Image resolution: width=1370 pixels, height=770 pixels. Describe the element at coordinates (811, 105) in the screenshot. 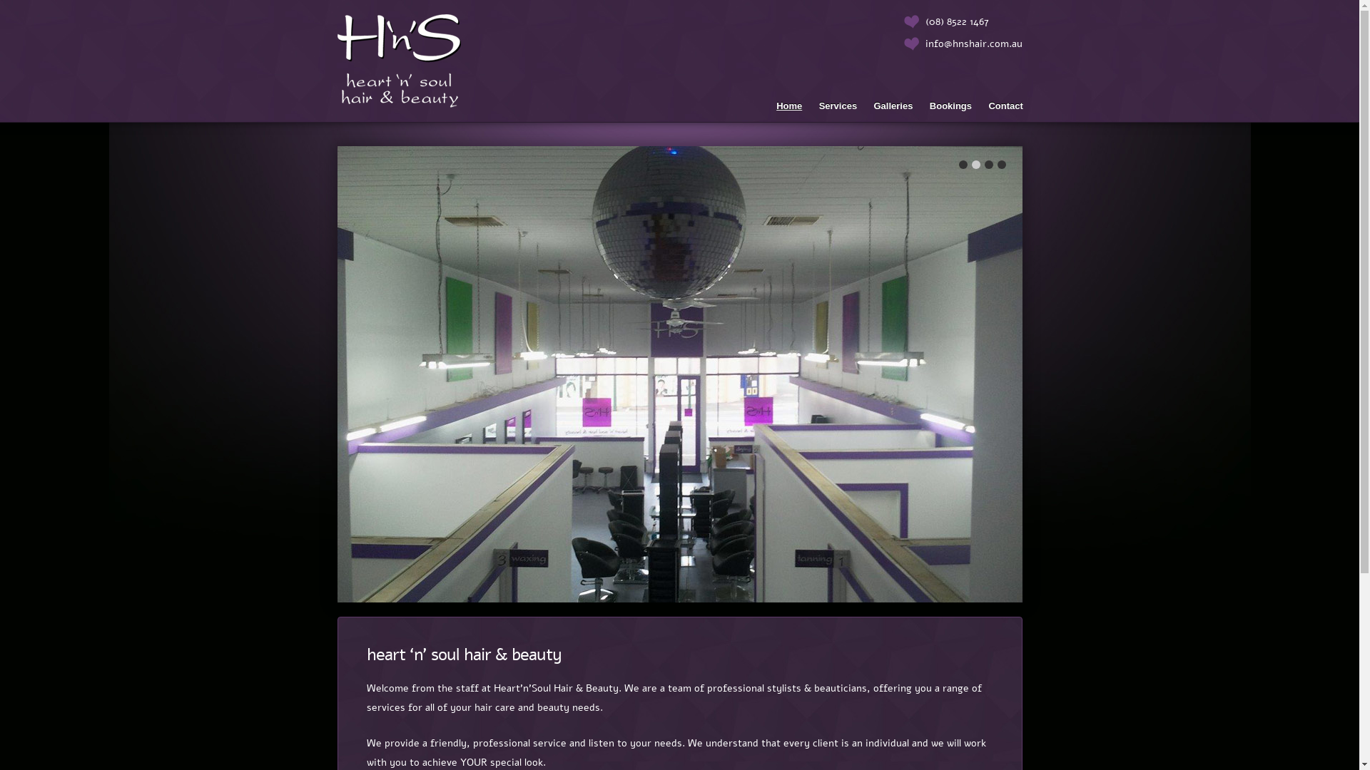

I see `'Services'` at that location.